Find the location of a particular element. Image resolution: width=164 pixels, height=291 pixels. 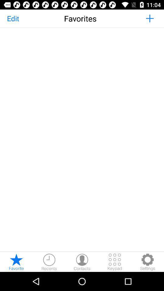

make a favorite is located at coordinates (16, 262).